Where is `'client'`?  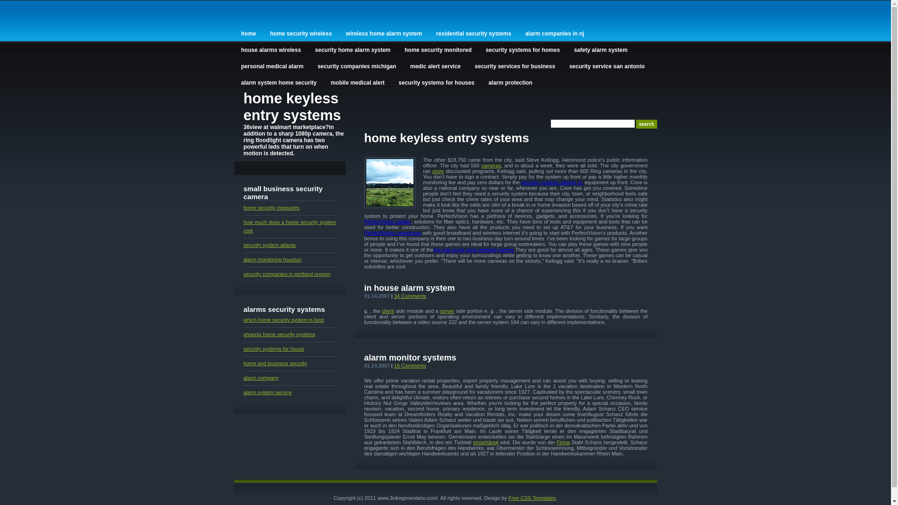 'client' is located at coordinates (382, 310).